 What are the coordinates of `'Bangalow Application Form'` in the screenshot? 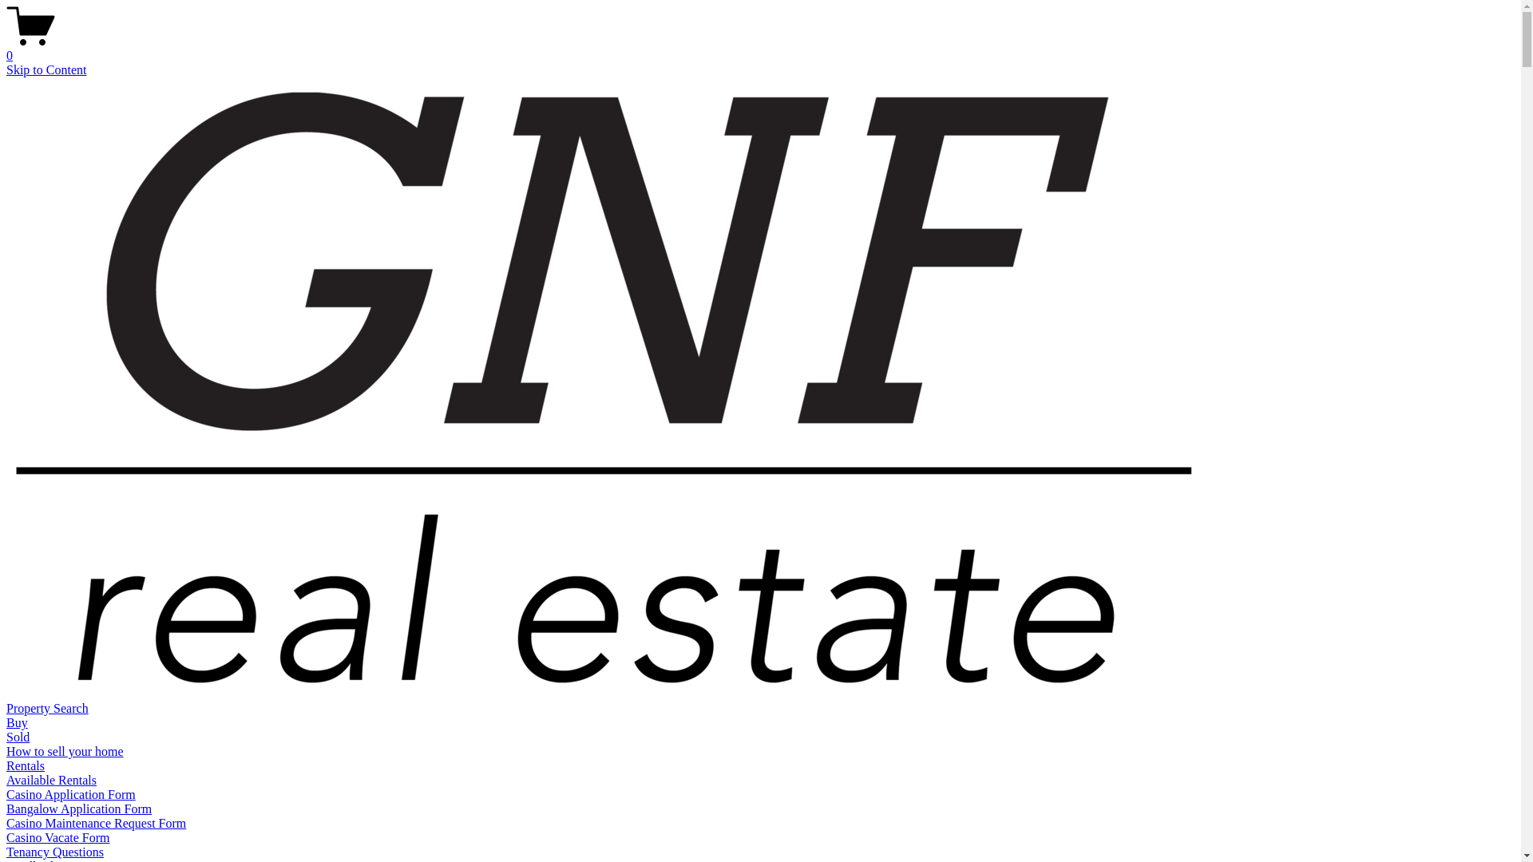 It's located at (78, 809).